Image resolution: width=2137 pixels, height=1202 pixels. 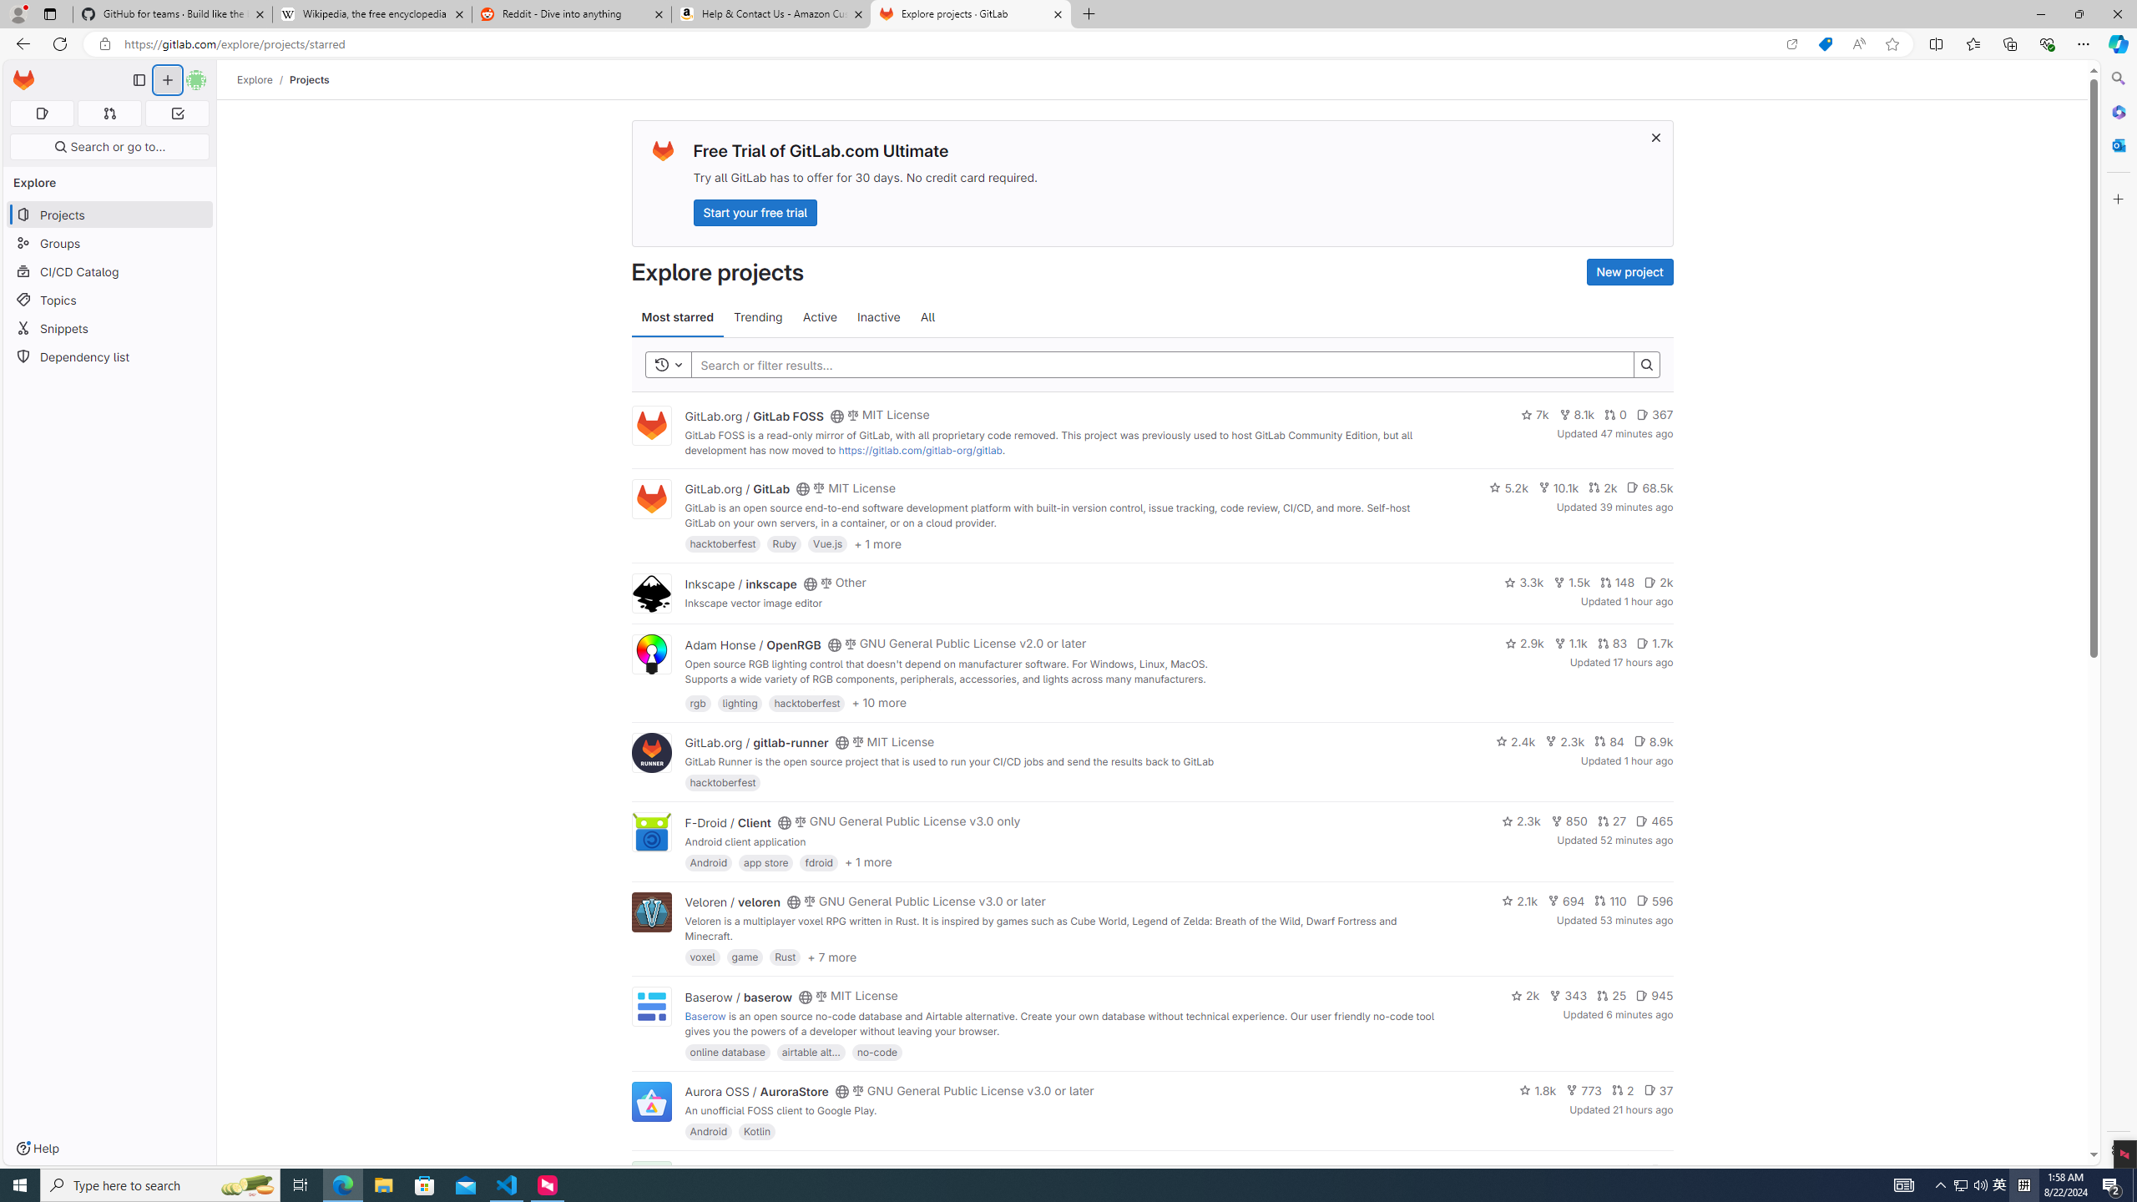 I want to click on 'Snippets', so click(x=109, y=327).